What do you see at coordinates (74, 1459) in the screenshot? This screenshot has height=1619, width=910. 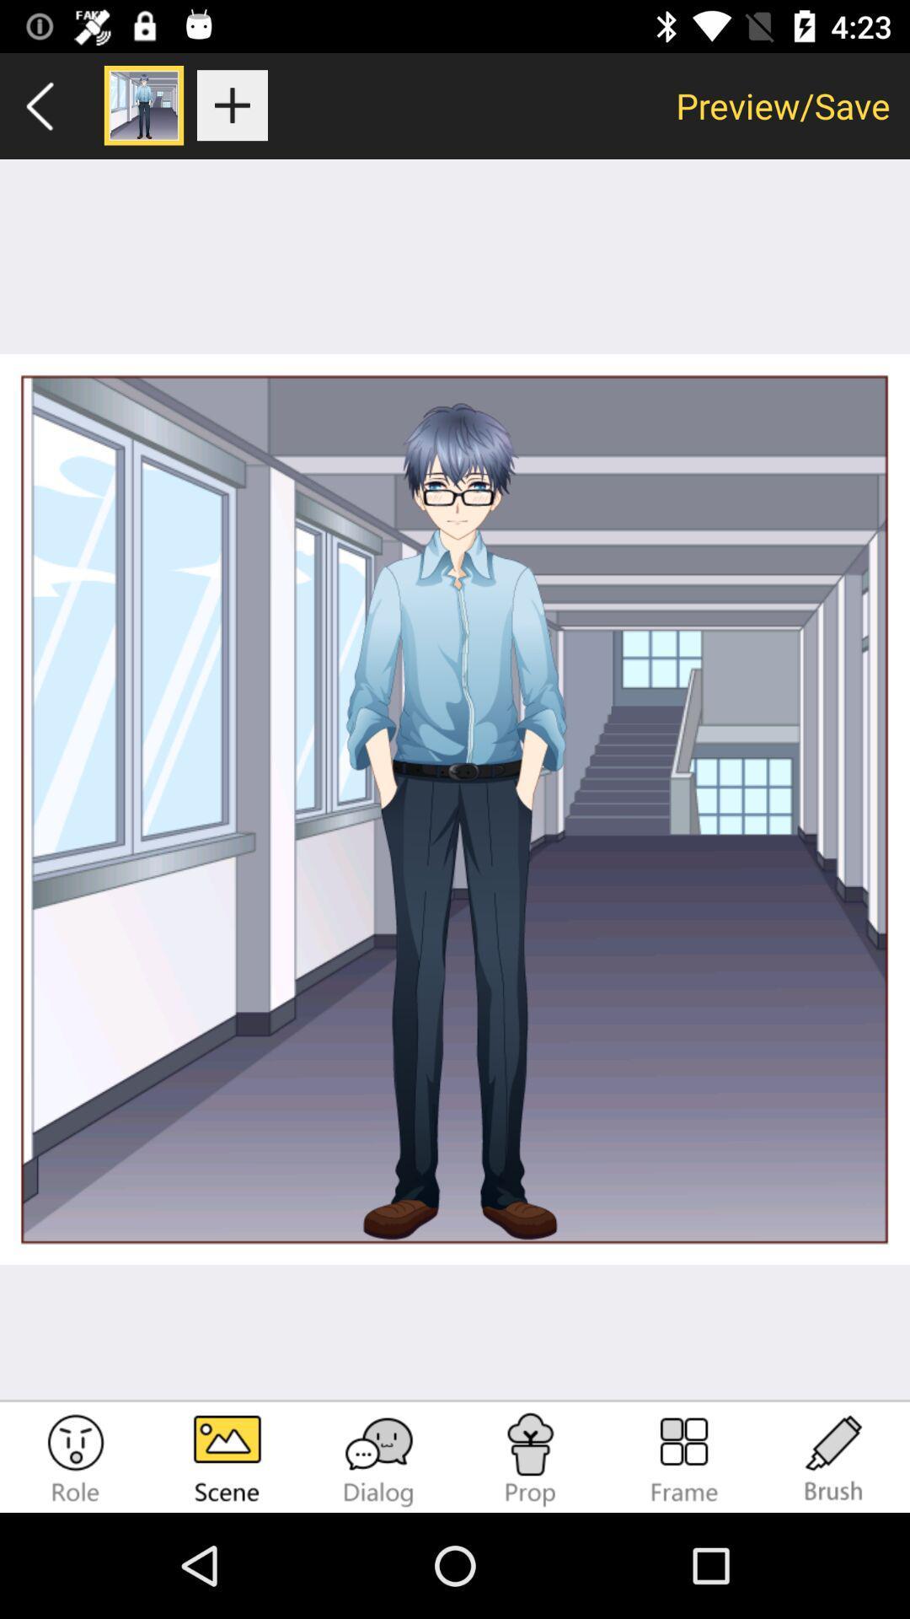 I see `the emoji icon` at bounding box center [74, 1459].